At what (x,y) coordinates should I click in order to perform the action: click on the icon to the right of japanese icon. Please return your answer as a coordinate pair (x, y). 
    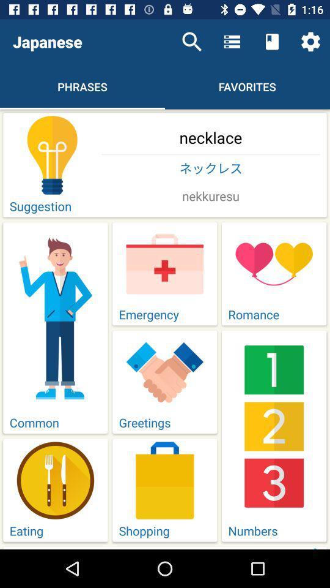
    Looking at the image, I should click on (192, 42).